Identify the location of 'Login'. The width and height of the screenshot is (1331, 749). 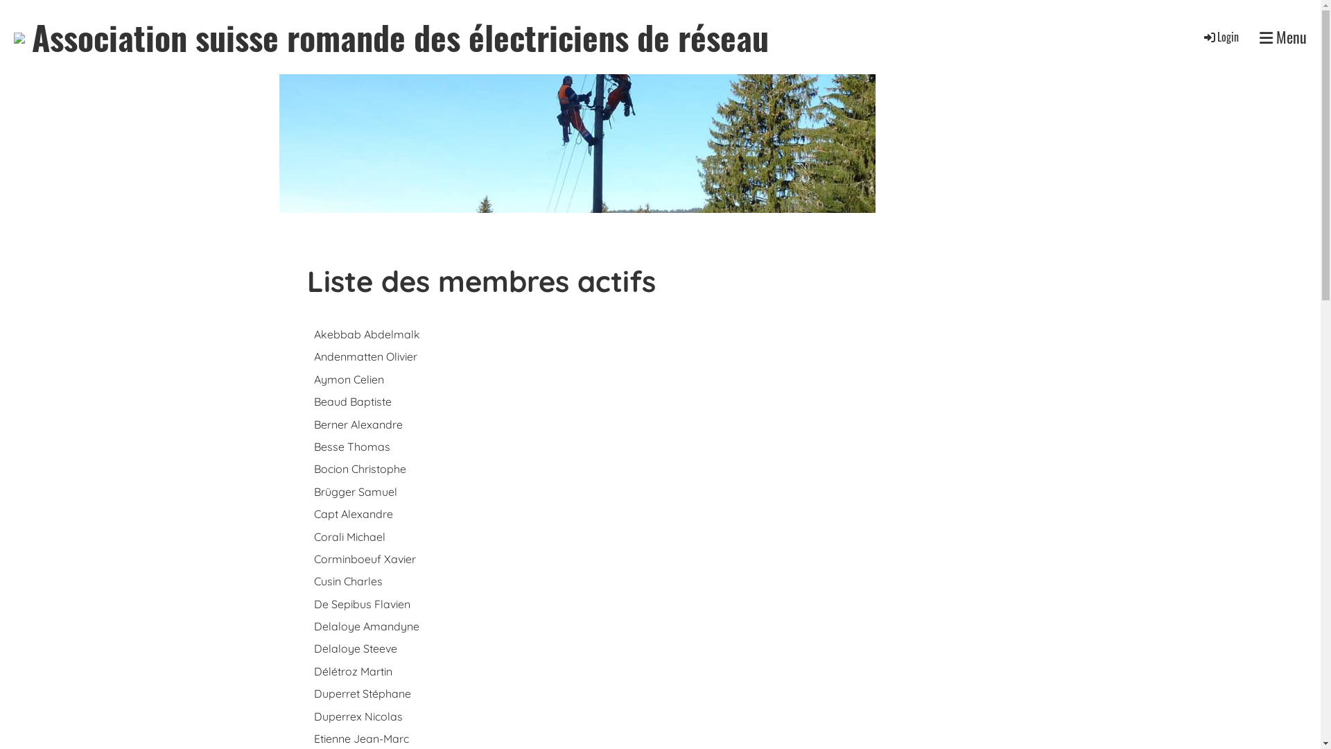
(1220, 36).